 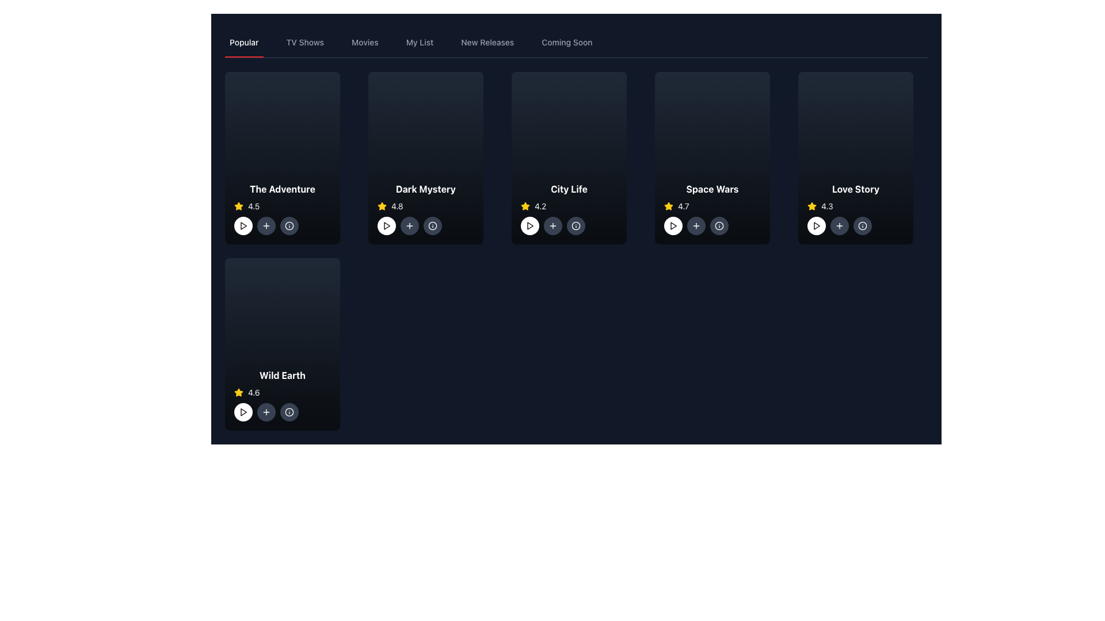 What do you see at coordinates (242, 226) in the screenshot?
I see `the triangular play icon with a black border and fill located in the bottom-left area of the 'The Adventure' card in the 'Popular' section` at bounding box center [242, 226].